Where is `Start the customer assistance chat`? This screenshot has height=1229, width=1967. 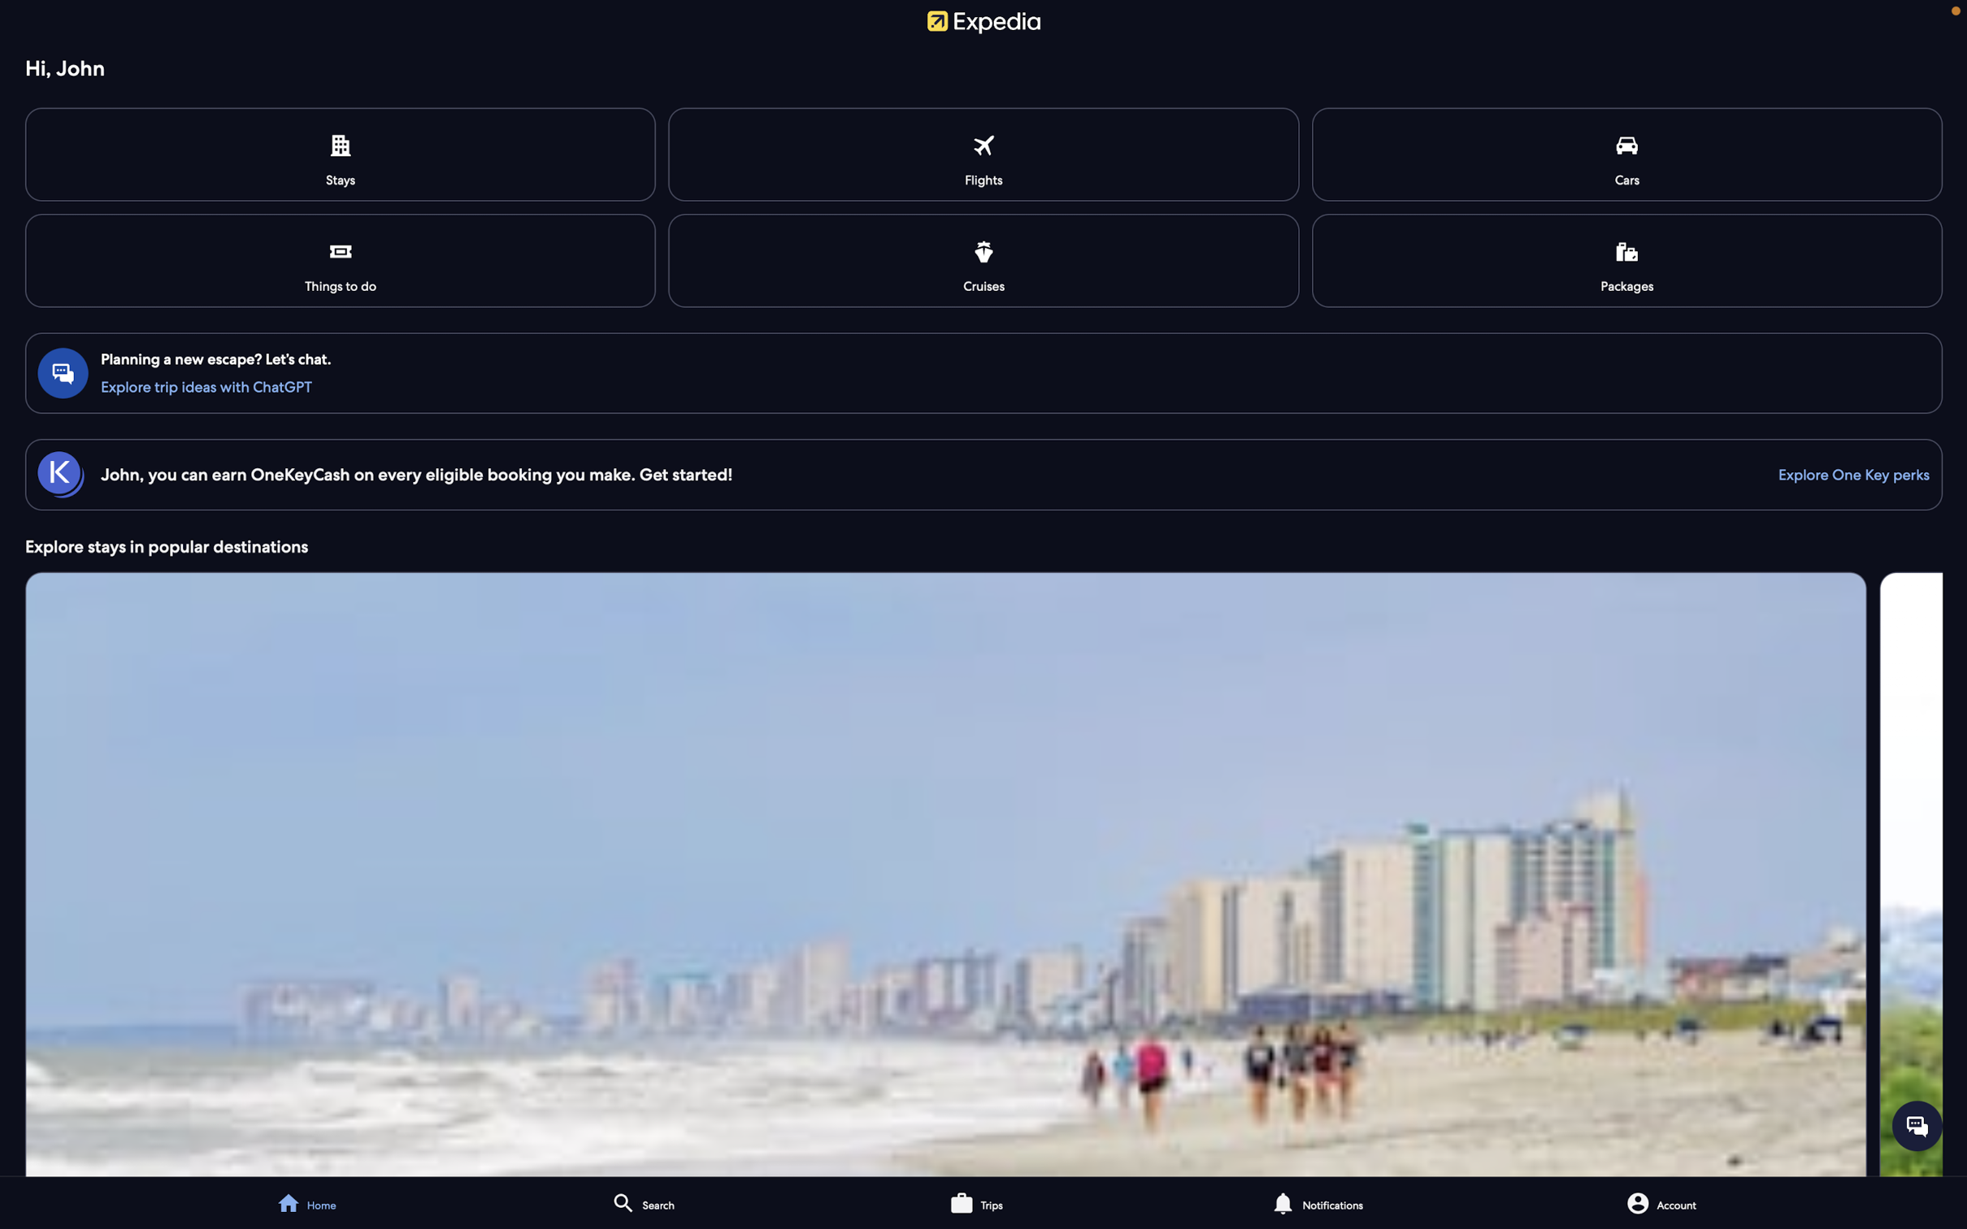
Start the customer assistance chat is located at coordinates (1917, 1124).